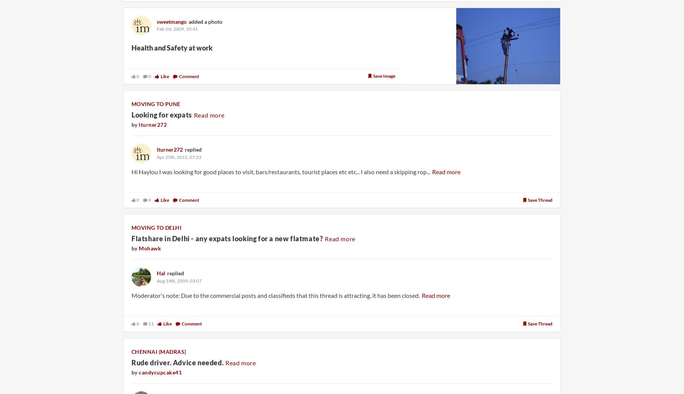  I want to click on 'Apr 25th, 2012, 07:23', so click(179, 156).